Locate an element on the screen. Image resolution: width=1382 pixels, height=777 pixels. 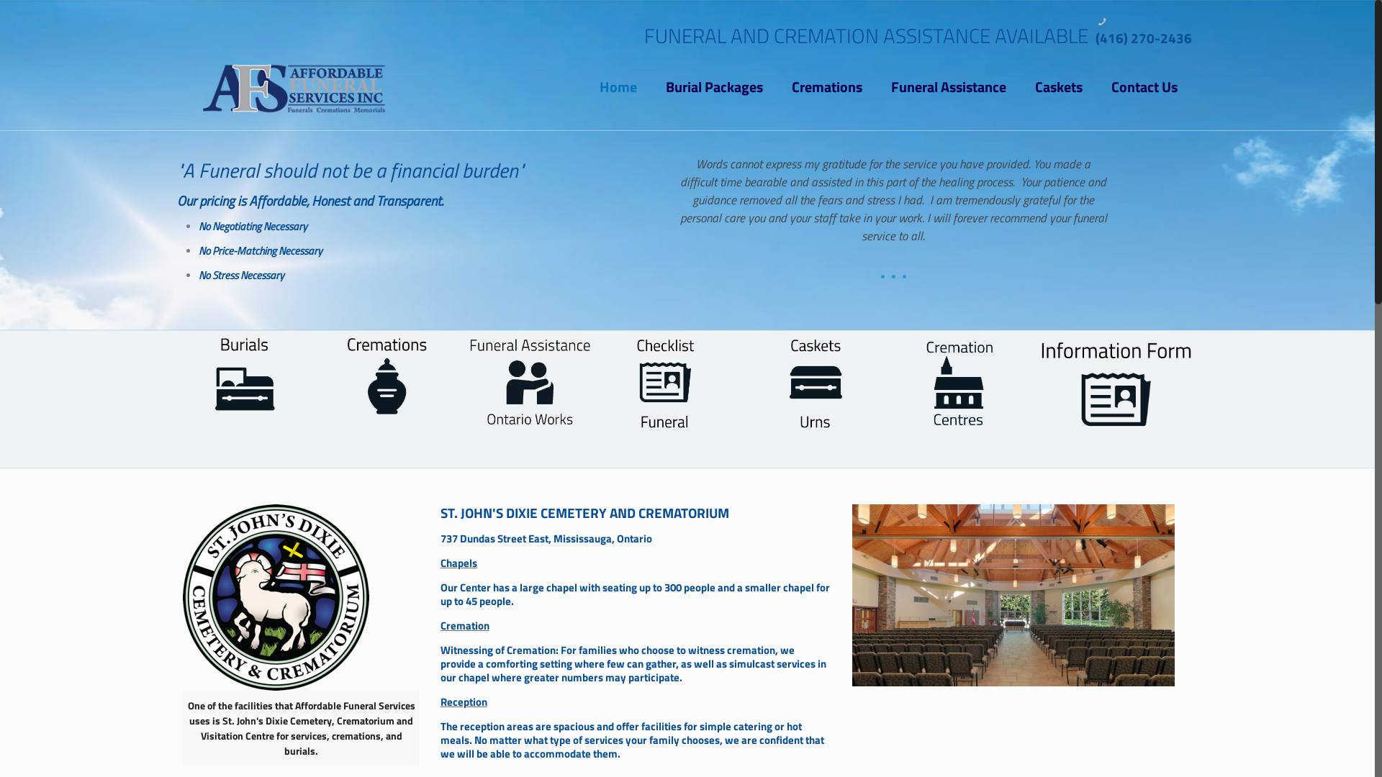
'Affordable Funeral Services' is located at coordinates (293, 86).